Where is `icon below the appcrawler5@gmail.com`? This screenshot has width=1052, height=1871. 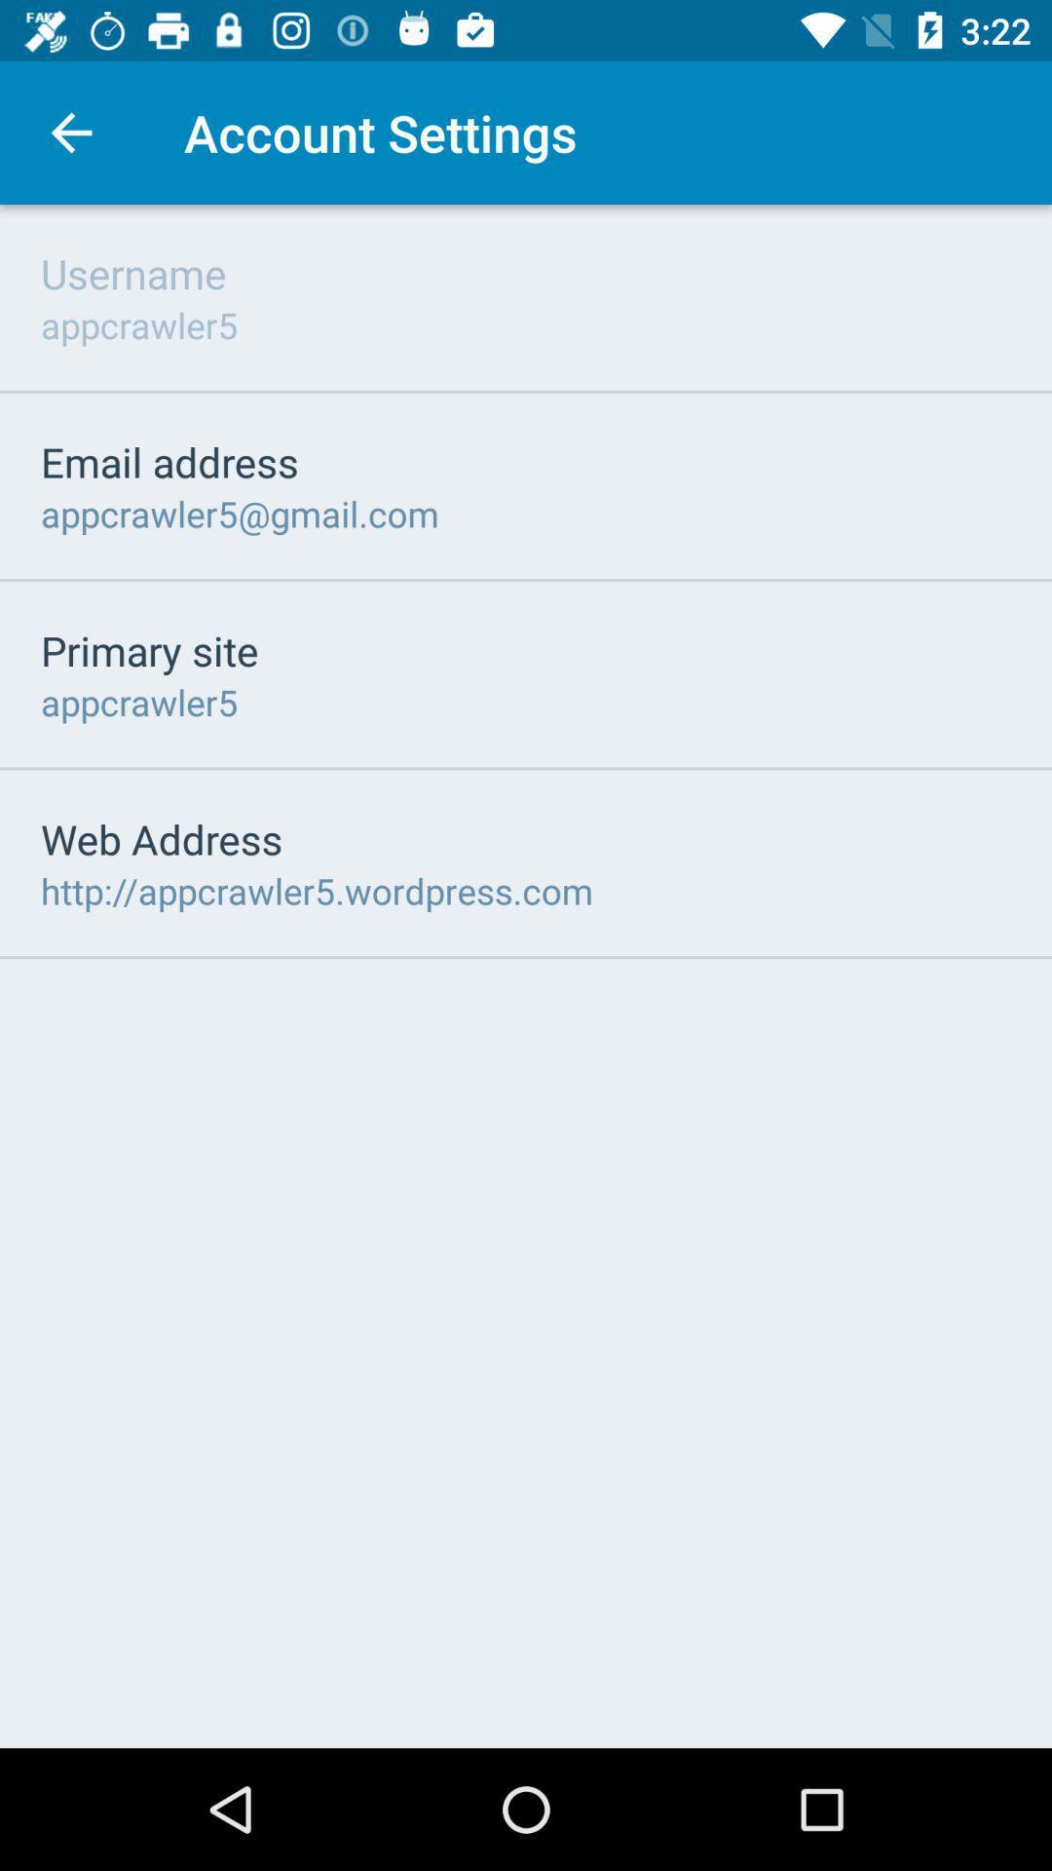 icon below the appcrawler5@gmail.com is located at coordinates (148, 650).